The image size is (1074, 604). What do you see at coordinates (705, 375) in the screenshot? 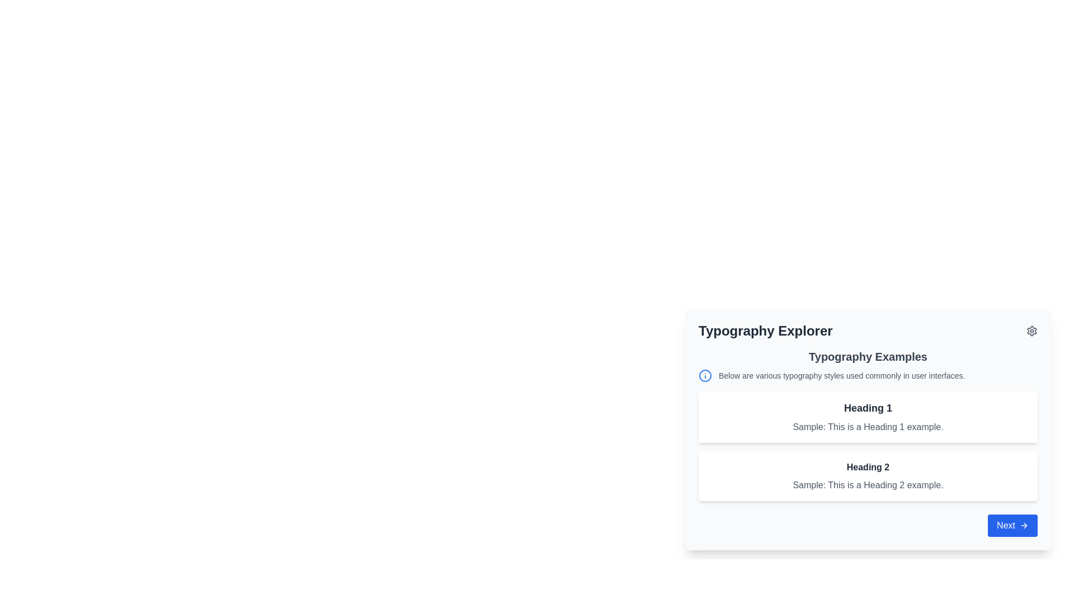
I see `the blue-toned SVG circle icon located to the left of the descriptive text block in the 'Typography Explorer' section` at bounding box center [705, 375].